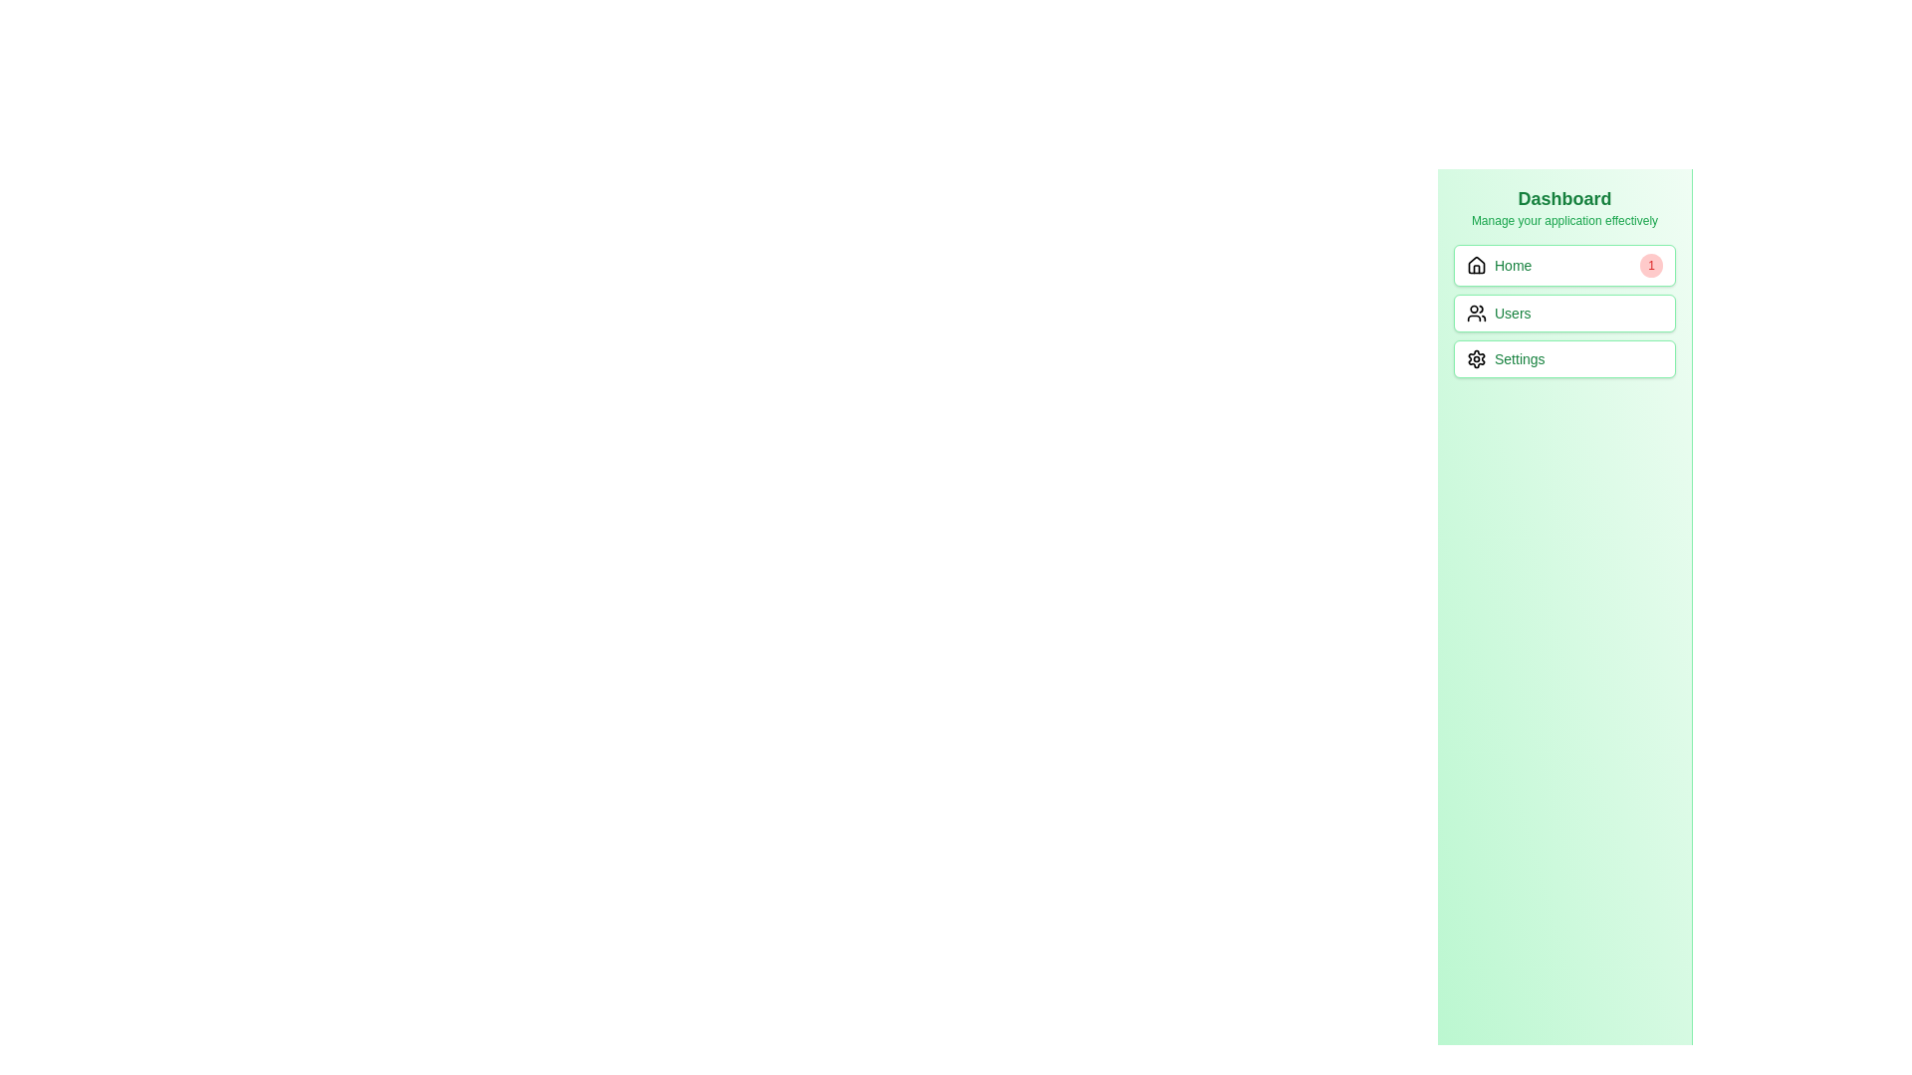 The width and height of the screenshot is (1912, 1075). I want to click on the 'Users' navigation button located in the middle of the vertical stack of options in the sidebar, so click(1563, 311).